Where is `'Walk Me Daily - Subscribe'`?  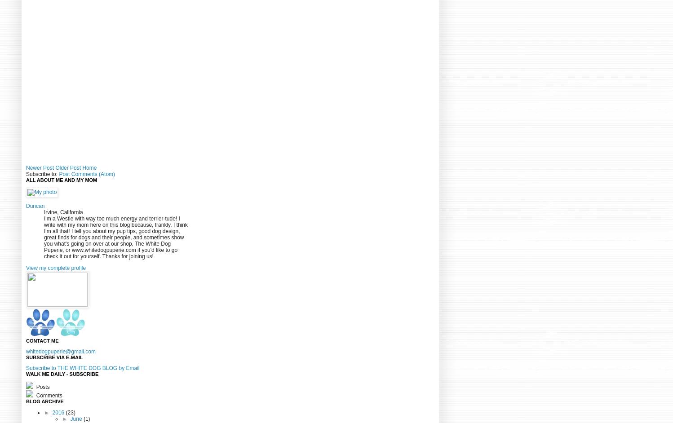 'Walk Me Daily - Subscribe' is located at coordinates (62, 374).